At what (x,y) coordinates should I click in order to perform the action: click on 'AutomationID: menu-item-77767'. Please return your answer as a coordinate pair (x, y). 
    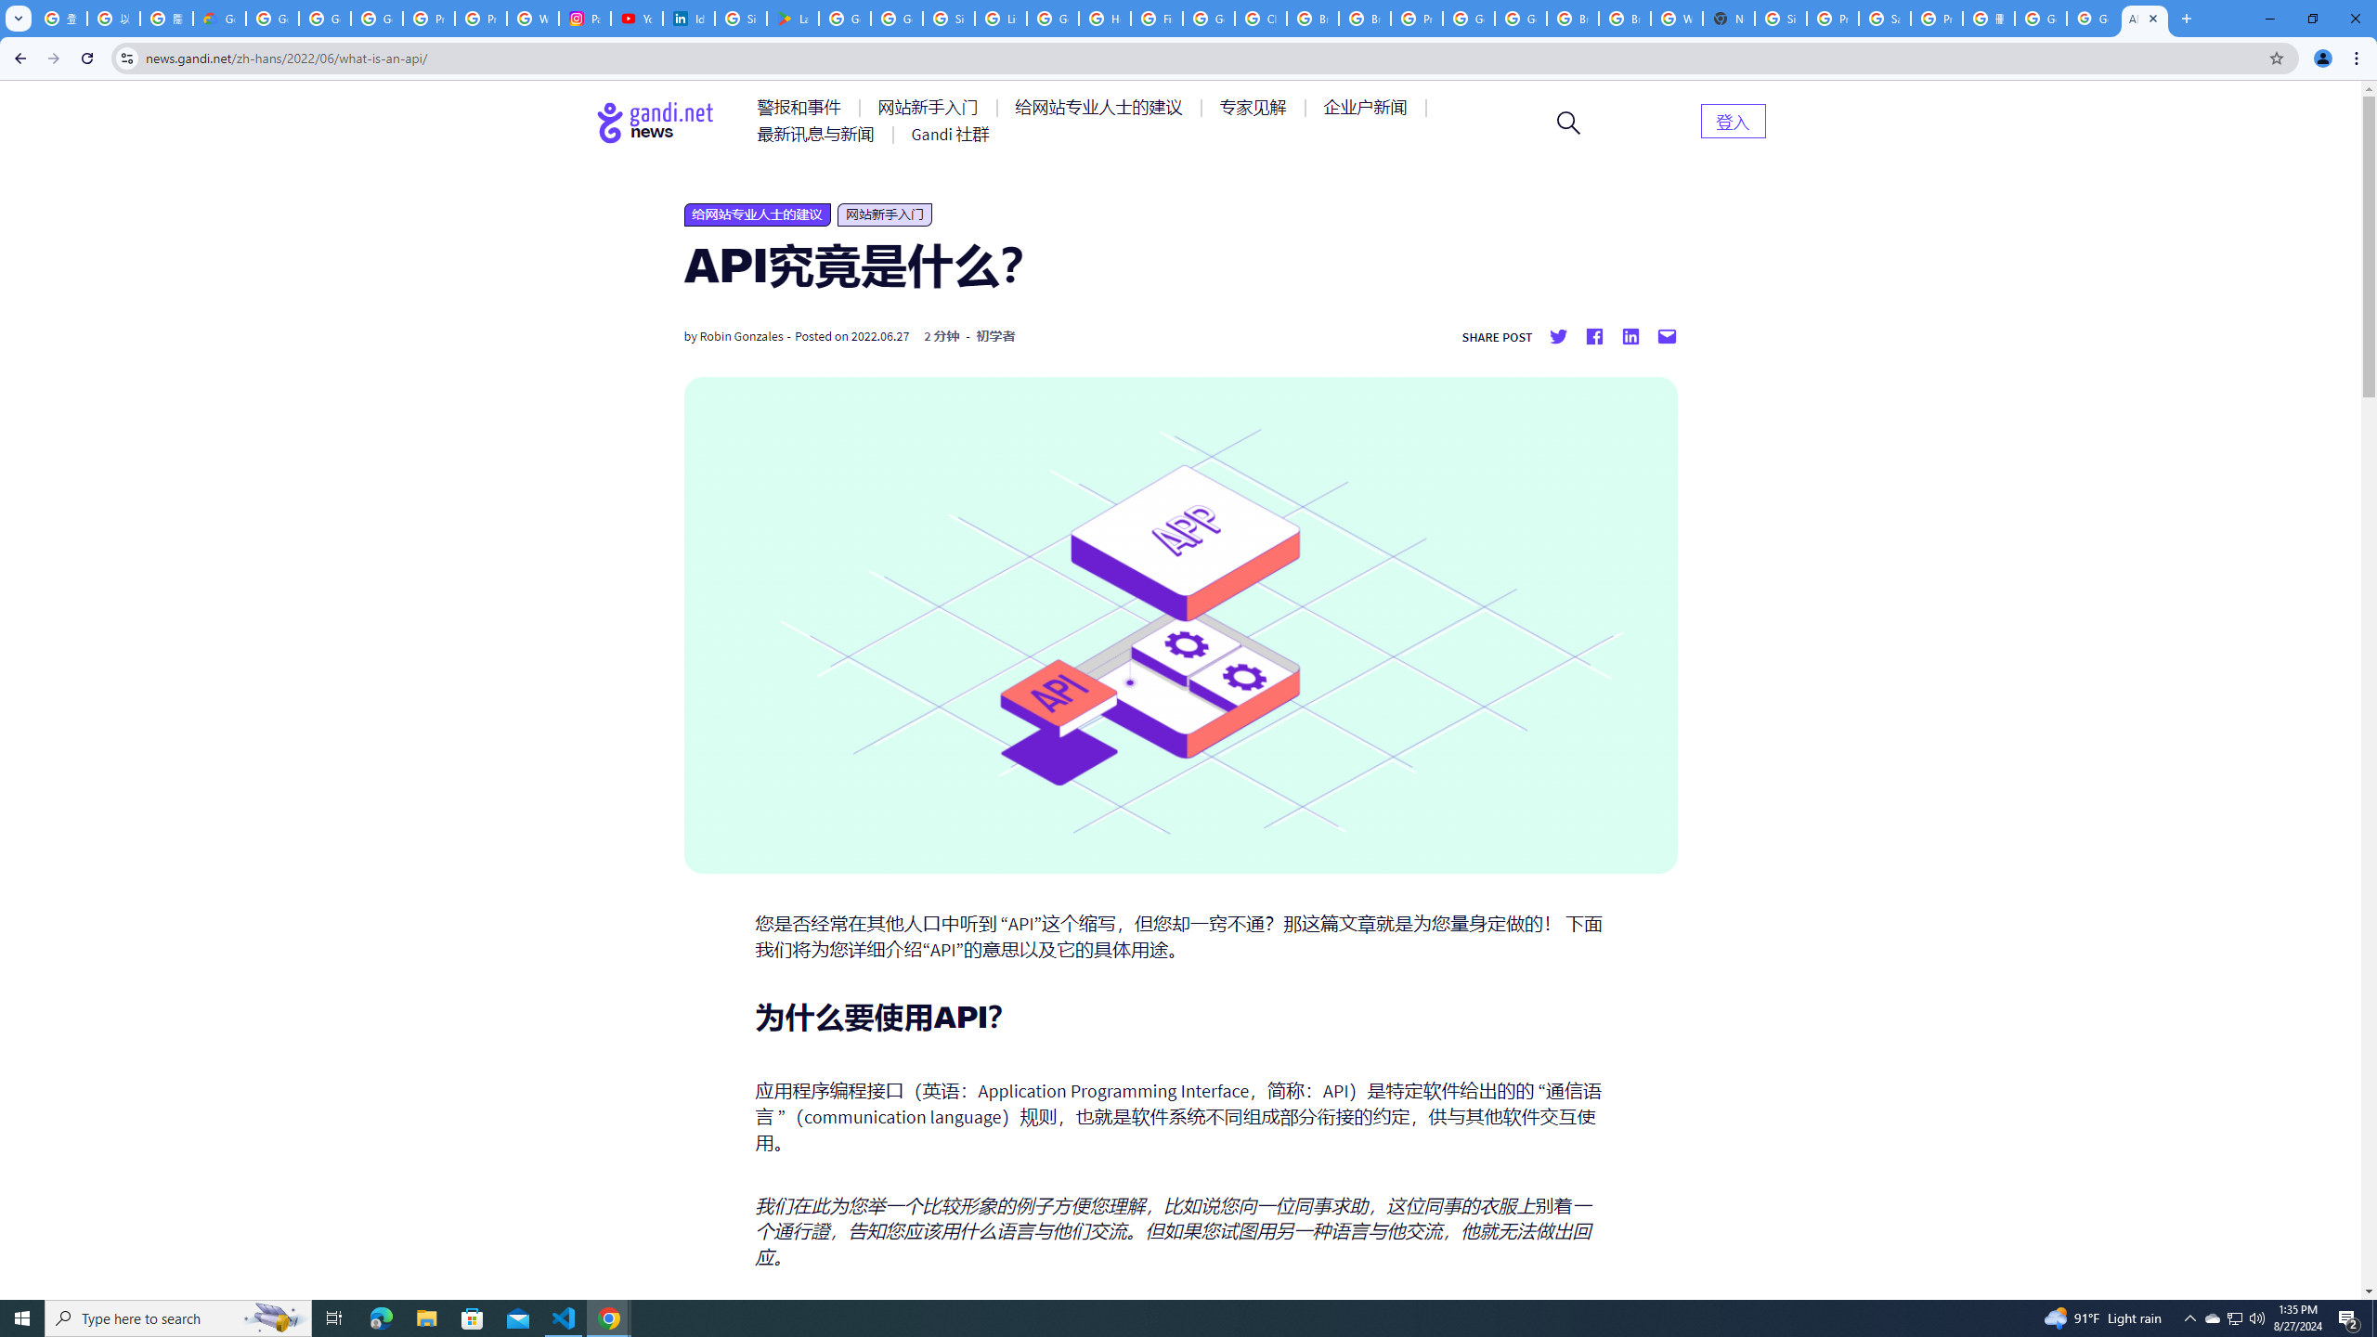
    Looking at the image, I should click on (950, 133).